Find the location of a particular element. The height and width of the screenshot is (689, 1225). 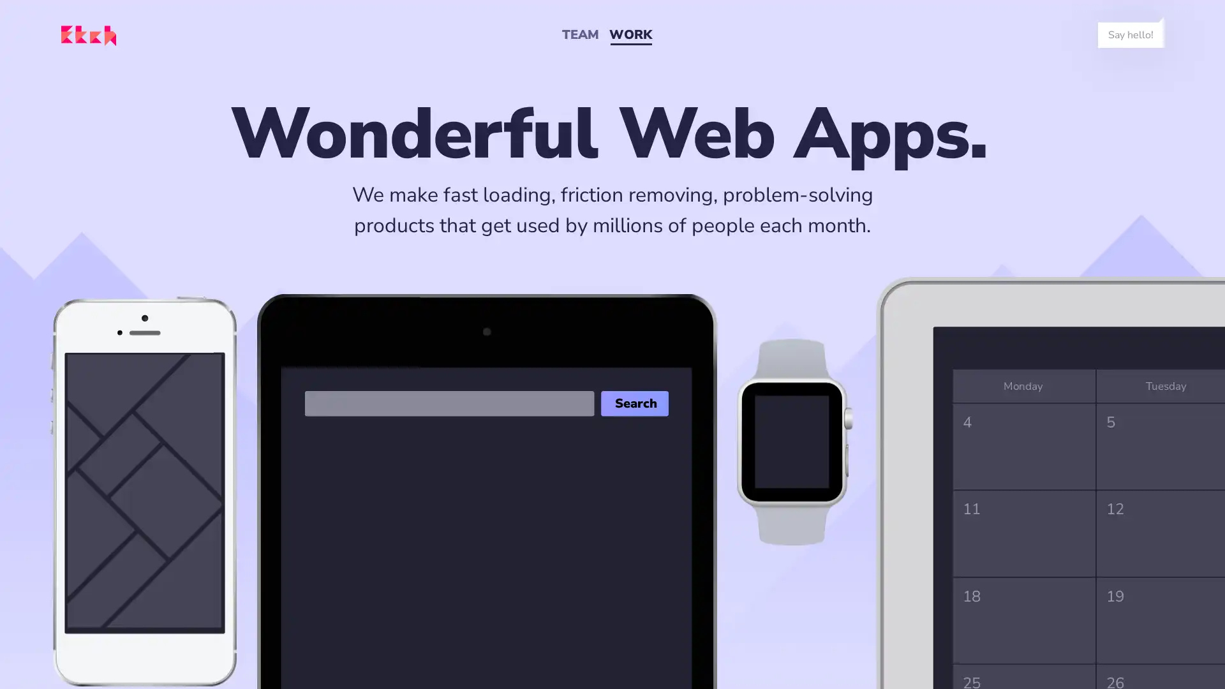

Open the contact details modal is located at coordinates (1131, 34).